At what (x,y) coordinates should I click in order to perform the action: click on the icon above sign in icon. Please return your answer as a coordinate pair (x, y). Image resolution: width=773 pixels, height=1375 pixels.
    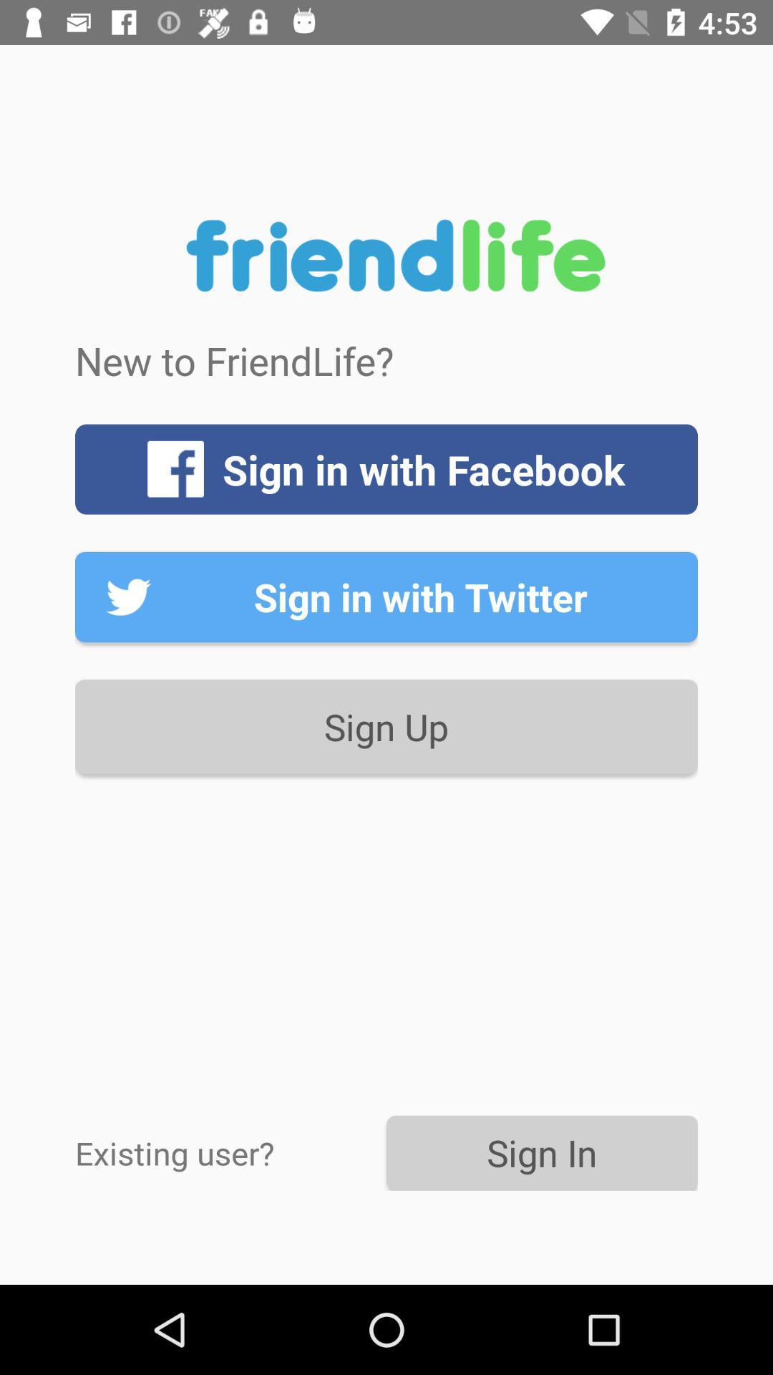
    Looking at the image, I should click on (386, 727).